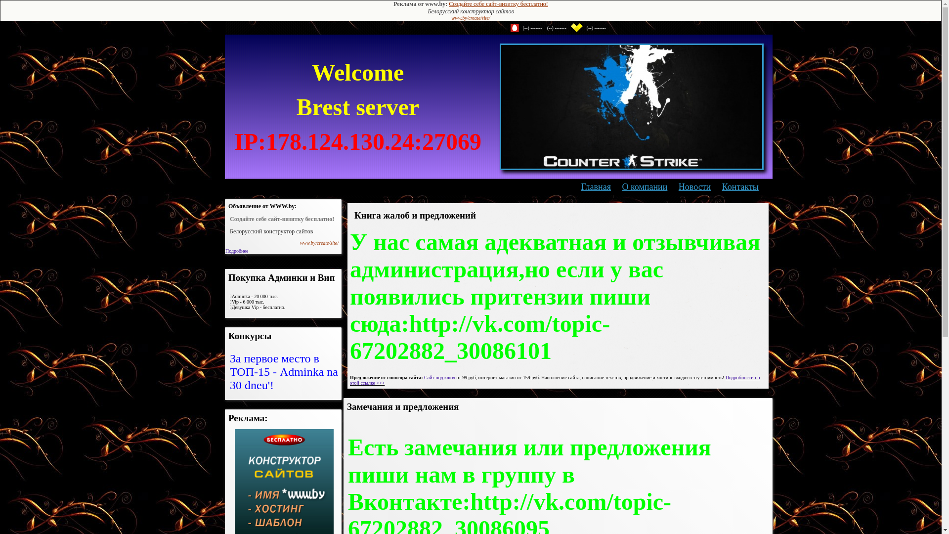 This screenshot has width=949, height=534. Describe the element at coordinates (319, 243) in the screenshot. I see `'www.by/create/site/'` at that location.